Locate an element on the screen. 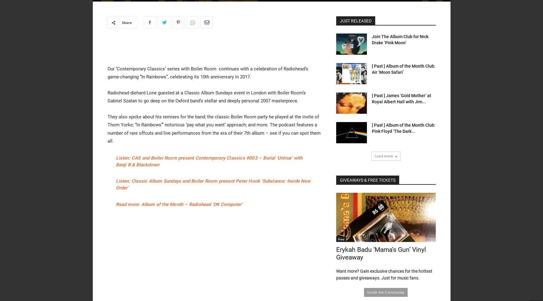 This screenshot has width=543, height=301. '[ Past ] James ‘Gold Mother’ at Royal Albert Hall with Jim...' is located at coordinates (401, 99).